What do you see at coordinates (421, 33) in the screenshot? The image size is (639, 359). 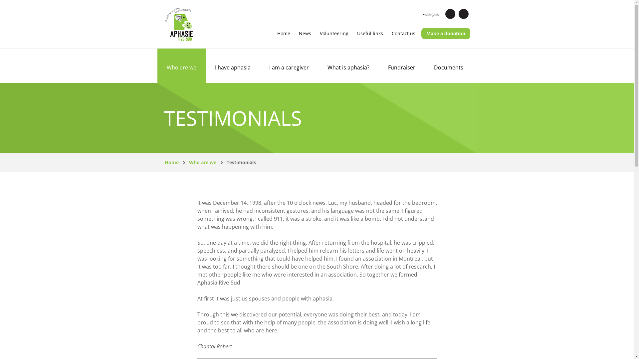 I see `'Make a donation'` at bounding box center [421, 33].